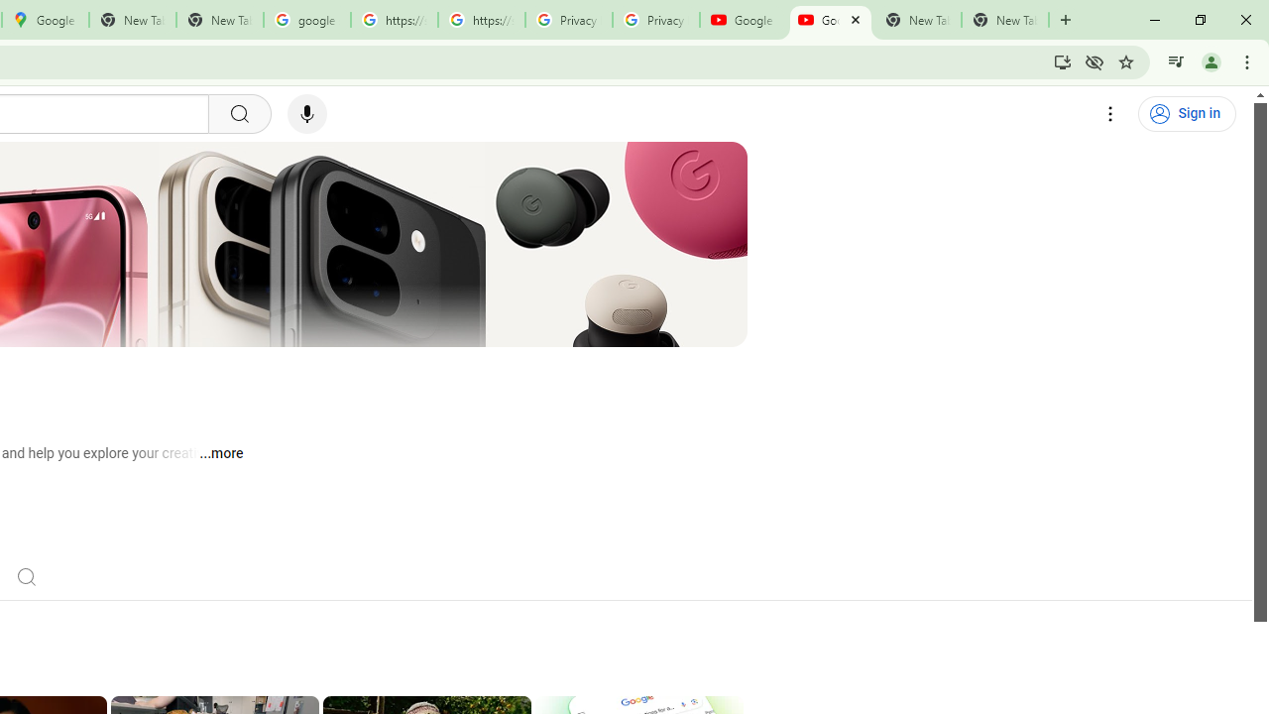 This screenshot has width=1269, height=714. Describe the element at coordinates (1187, 114) in the screenshot. I see `'Sign in'` at that location.